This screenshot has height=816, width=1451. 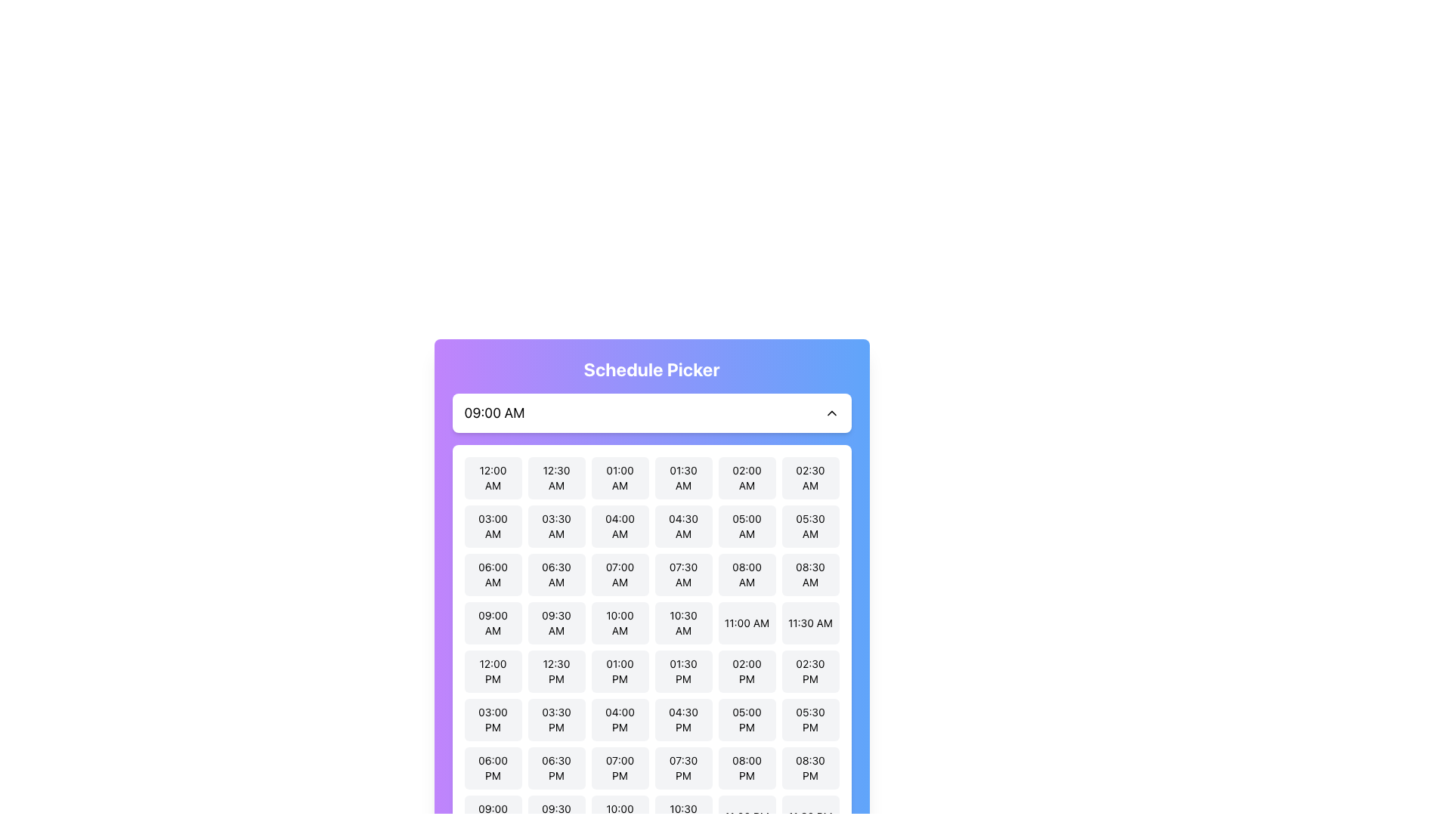 I want to click on the selectable time slot button for '09:30 AM' located in the fifth row and second column of a grid layout, so click(x=555, y=623).